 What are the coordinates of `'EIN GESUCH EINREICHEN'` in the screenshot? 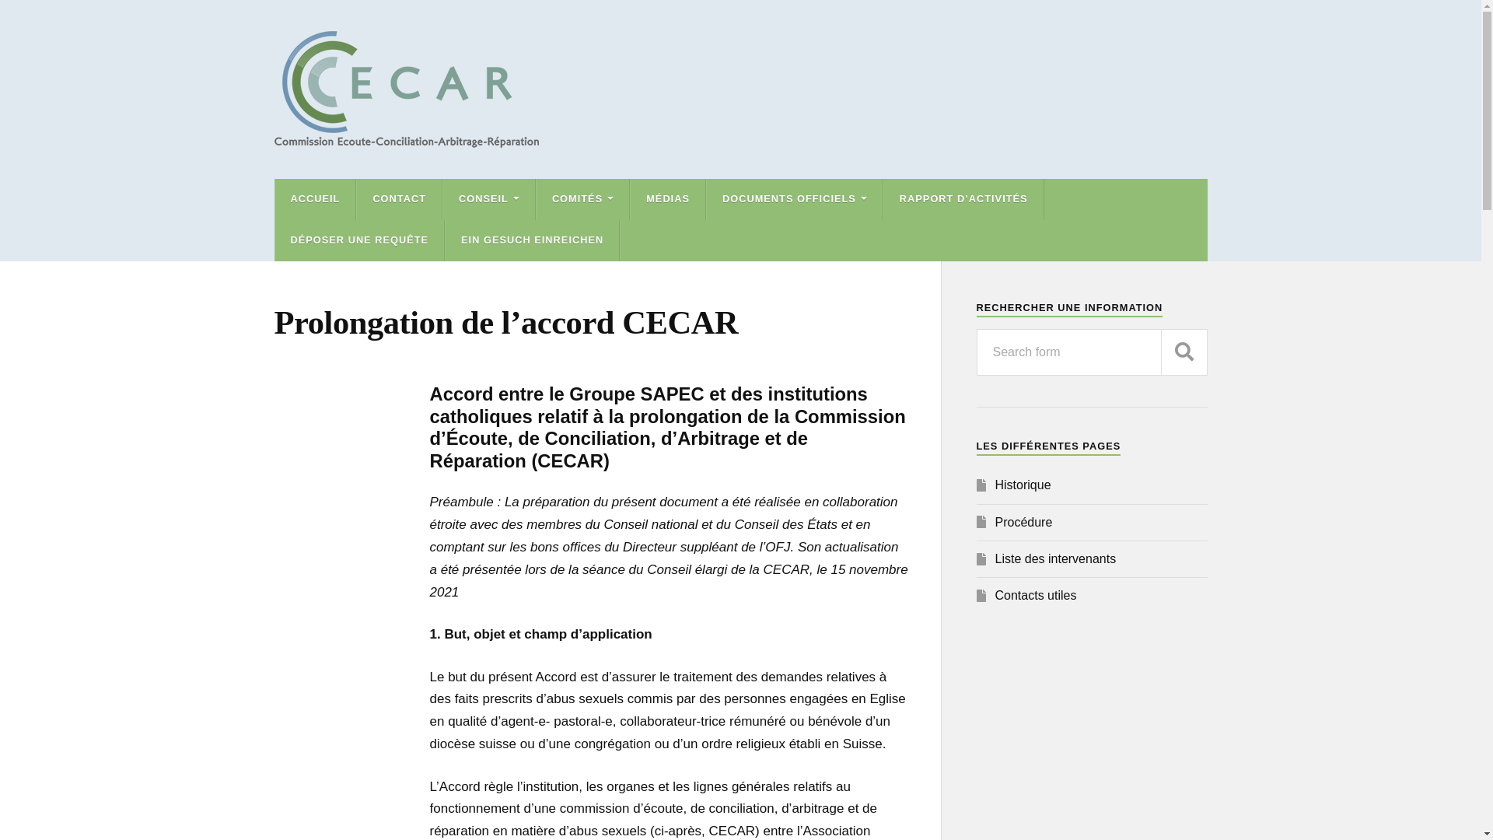 It's located at (532, 240).